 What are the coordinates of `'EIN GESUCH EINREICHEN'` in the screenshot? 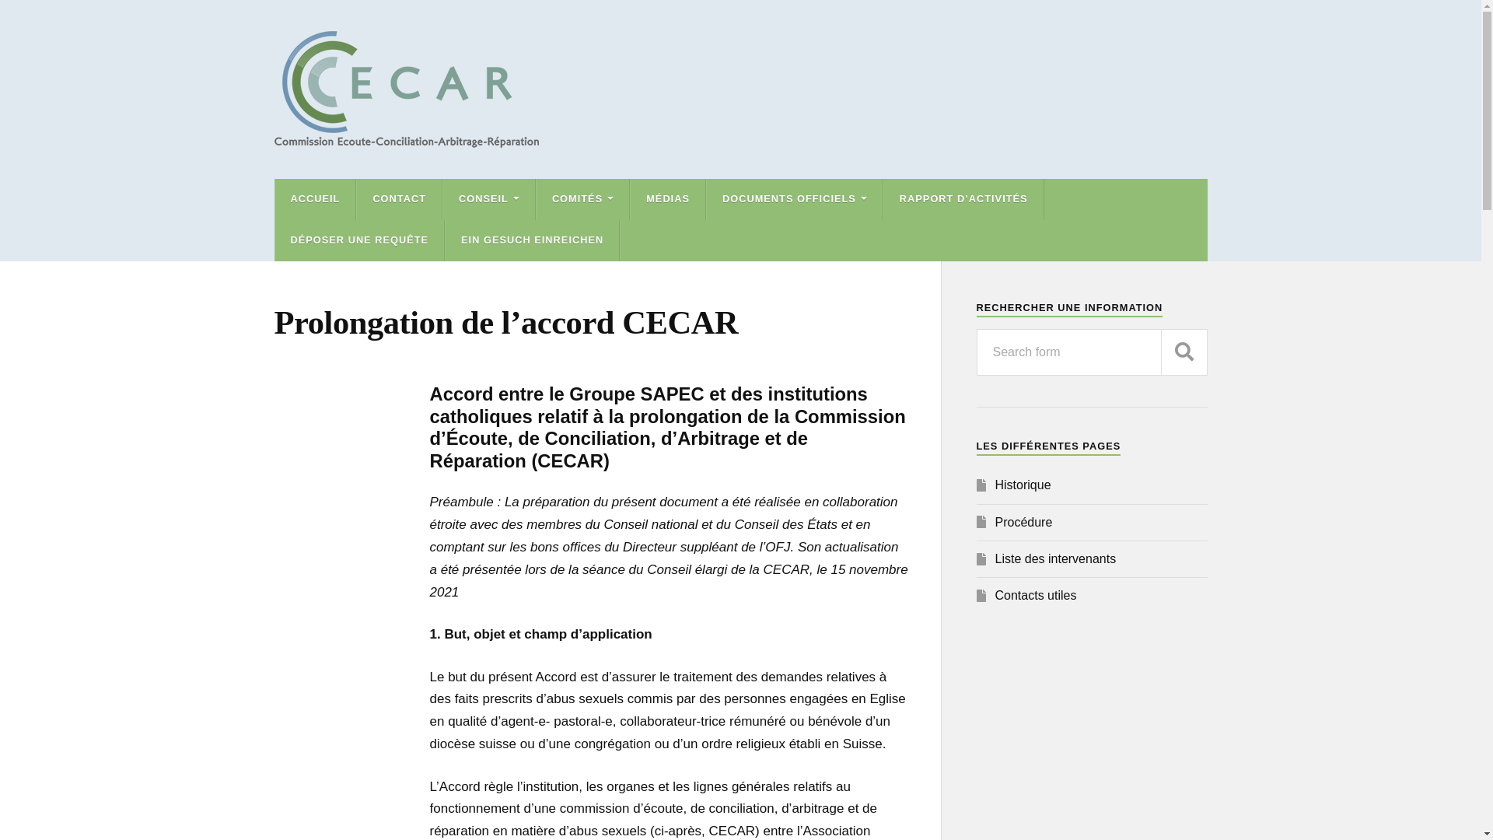 It's located at (532, 240).